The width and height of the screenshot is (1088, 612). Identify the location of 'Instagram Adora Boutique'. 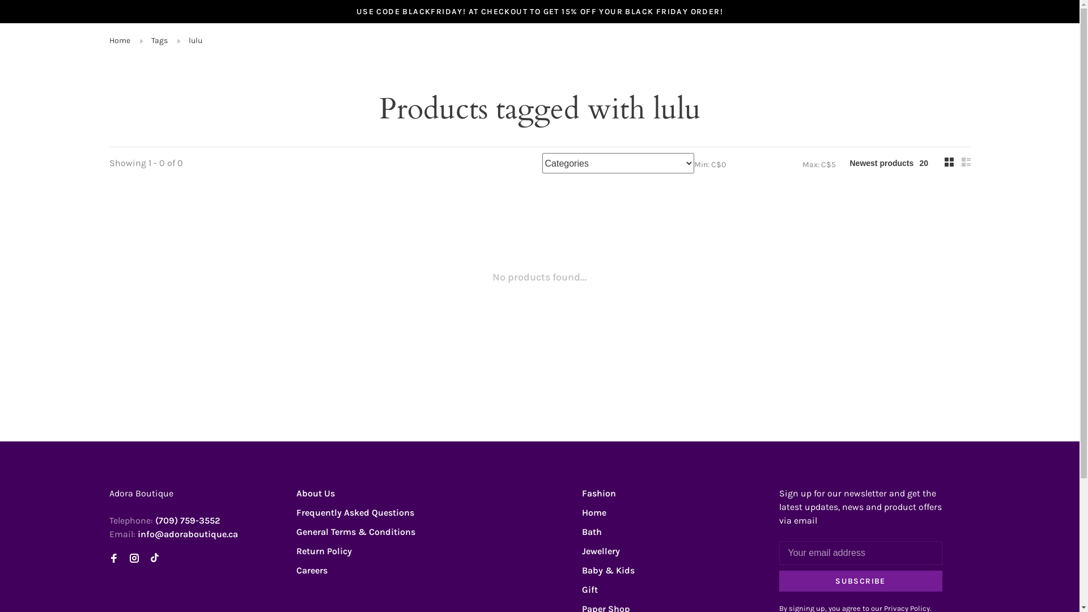
(133, 558).